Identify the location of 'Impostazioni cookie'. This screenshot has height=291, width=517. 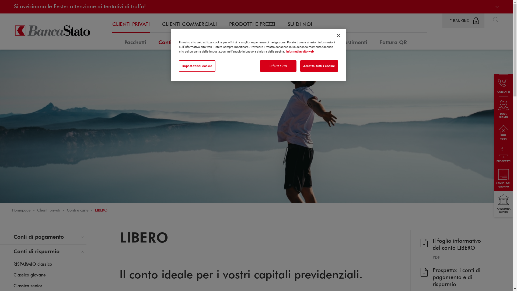
(197, 66).